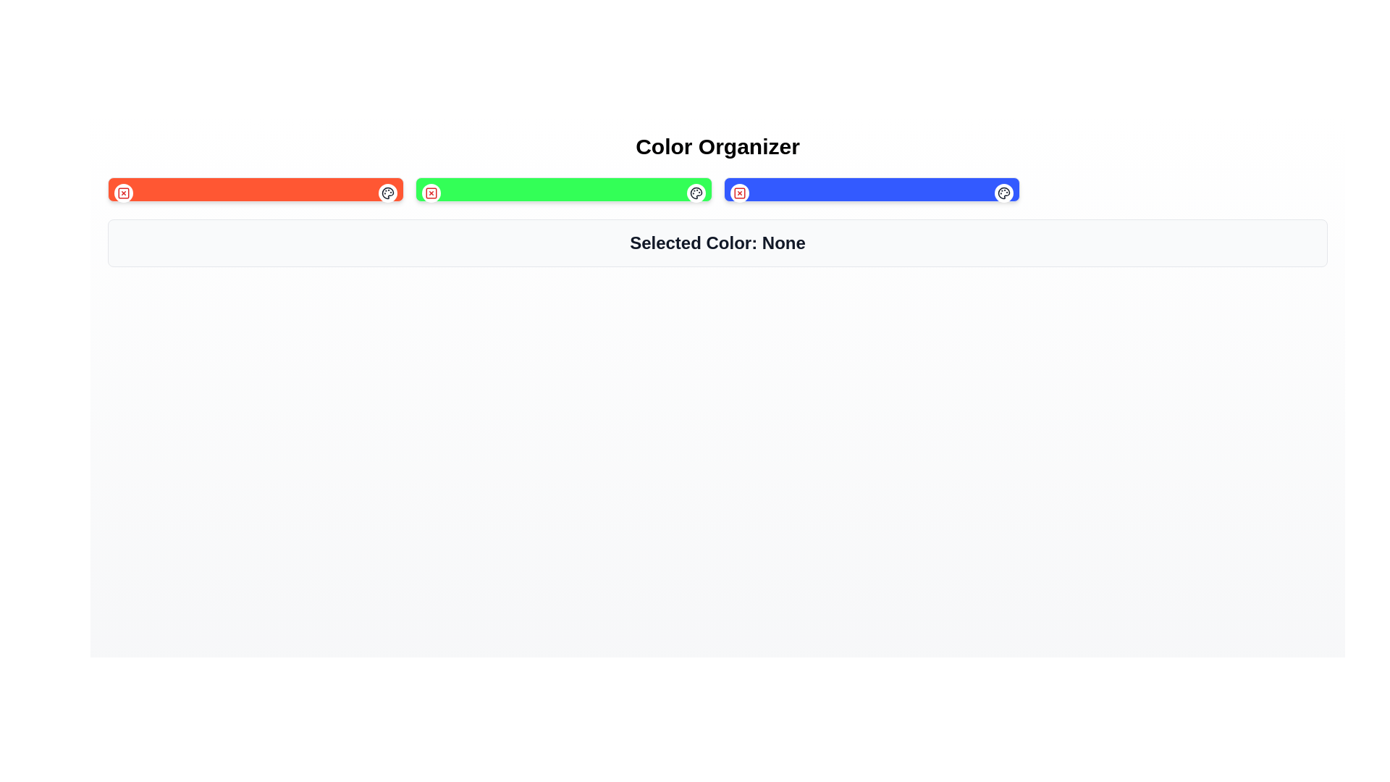 This screenshot has height=782, width=1390. What do you see at coordinates (1003, 192) in the screenshot?
I see `the palette icon located in the blue color bar for color selection or design customization` at bounding box center [1003, 192].